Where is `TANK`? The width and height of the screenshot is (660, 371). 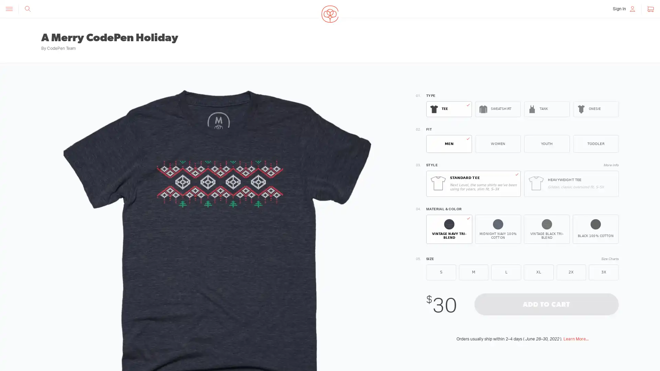
TANK is located at coordinates (546, 109).